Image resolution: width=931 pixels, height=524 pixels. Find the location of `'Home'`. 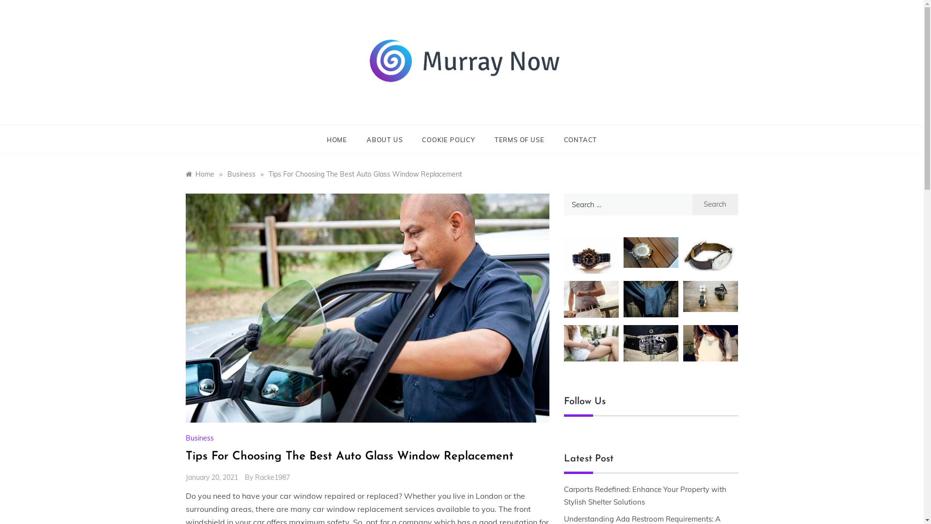

'Home' is located at coordinates (199, 173).